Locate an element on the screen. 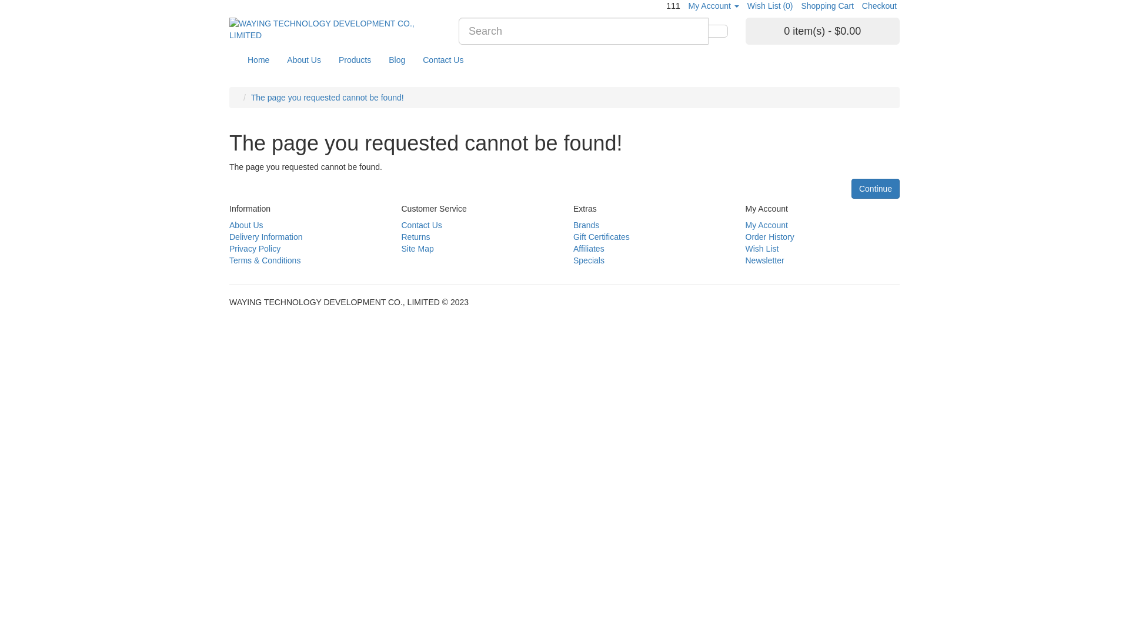 This screenshot has width=1129, height=635. 'Wish List' is located at coordinates (762, 248).